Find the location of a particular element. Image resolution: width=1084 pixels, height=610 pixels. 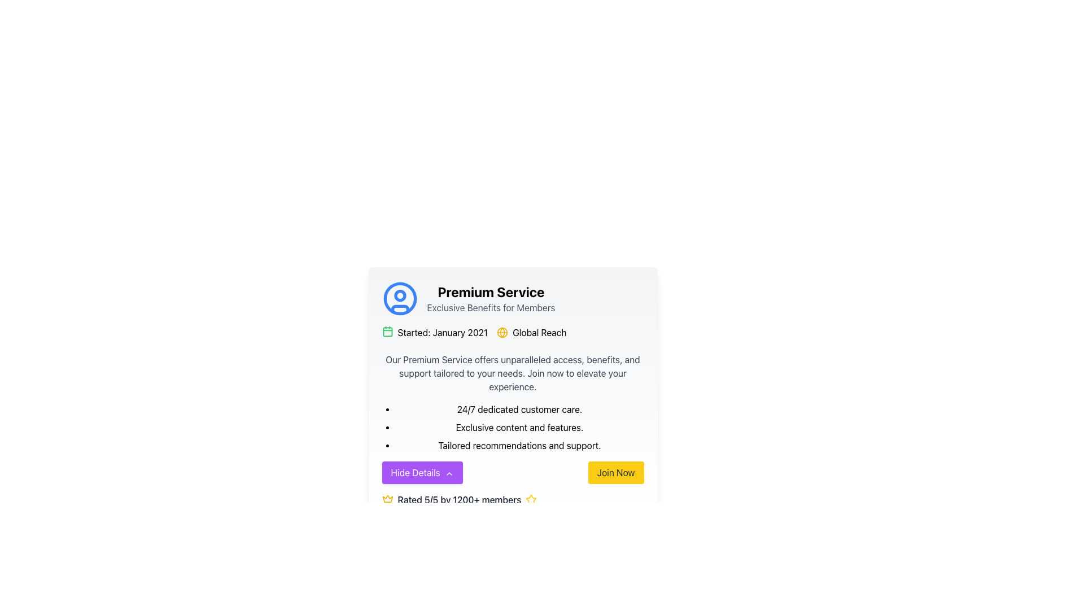

the text label reading 'Started: January 2021', which is located in the upper-left section of the card, next to a green calendar icon is located at coordinates (442, 332).